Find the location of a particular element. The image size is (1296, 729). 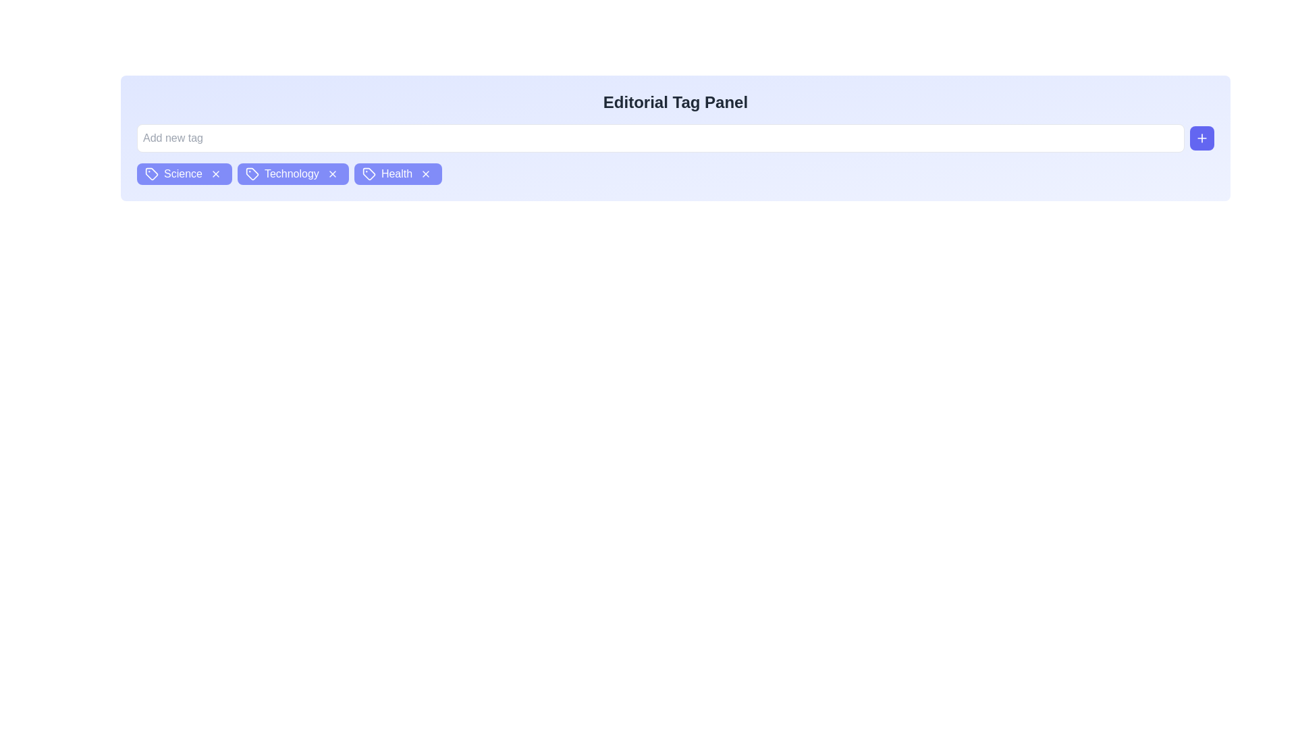

the 'Health' icon that visually represents the tag labeled 'Health', which is positioned to the left of the text 'Health' is located at coordinates (369, 173).